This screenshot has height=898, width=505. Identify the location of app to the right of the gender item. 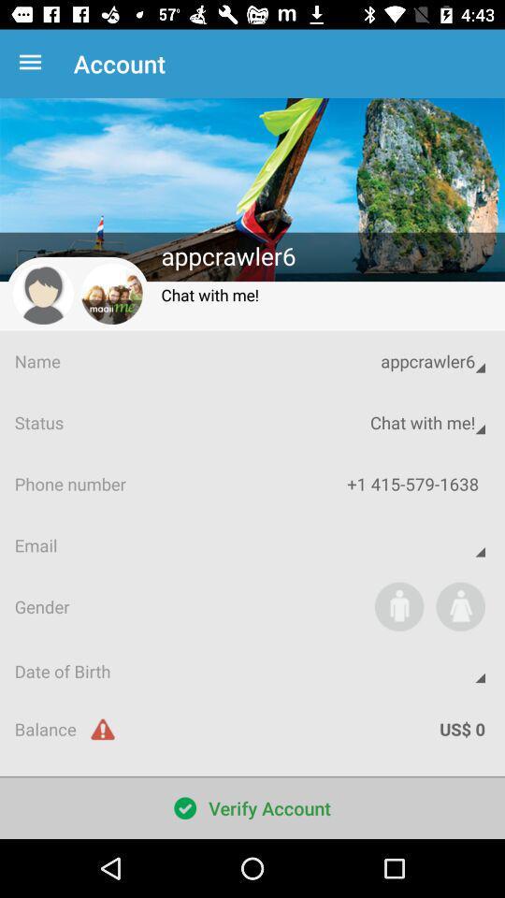
(398, 605).